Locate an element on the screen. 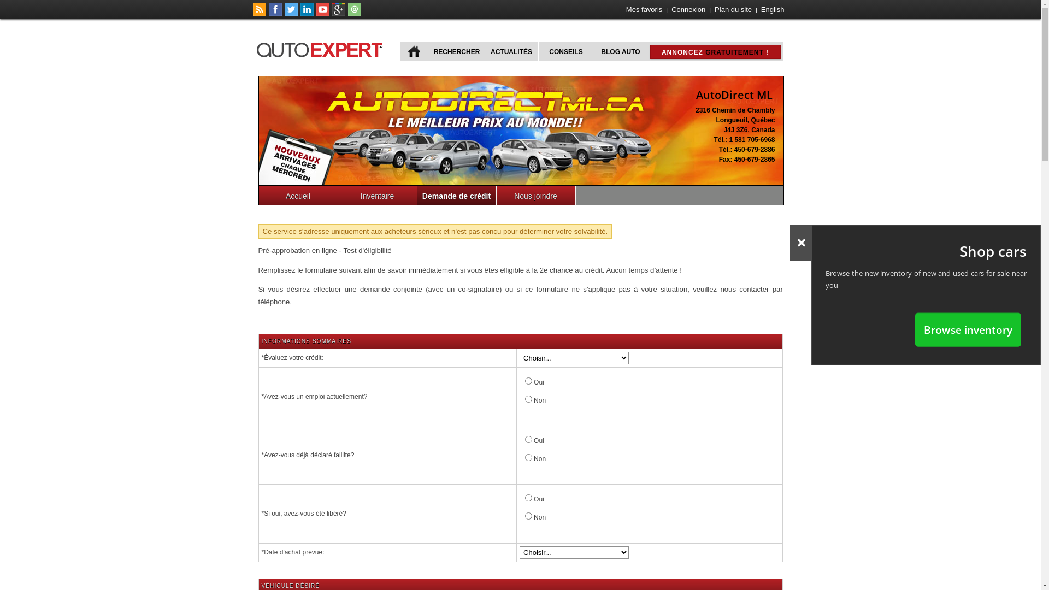 Image resolution: width=1049 pixels, height=590 pixels. 'Mes favoris' is located at coordinates (644, 9).